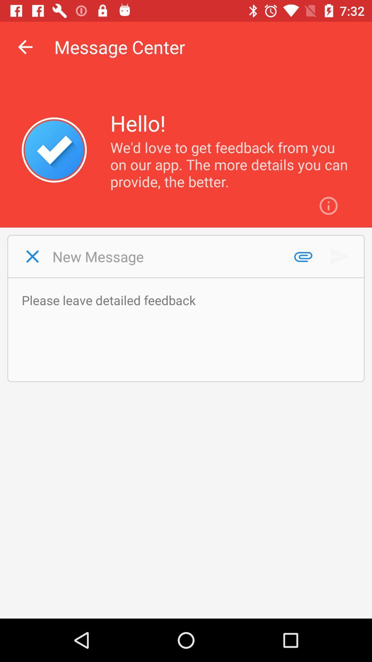 This screenshot has height=662, width=372. What do you see at coordinates (189, 329) in the screenshot?
I see `detailed feedback field` at bounding box center [189, 329].